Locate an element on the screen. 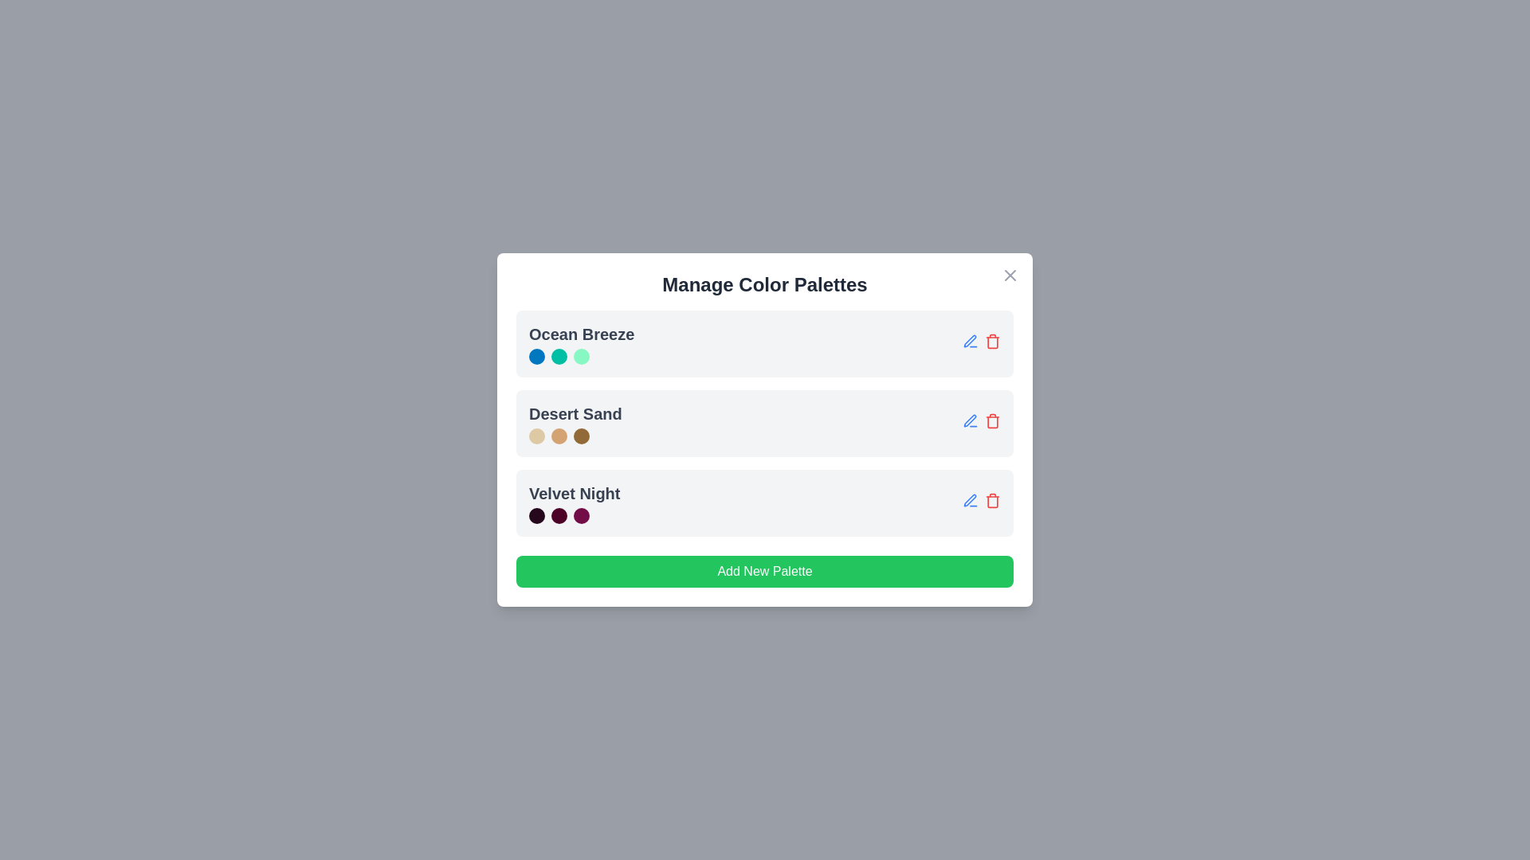  the edit icon for the palette named Velvet Night is located at coordinates (970, 499).